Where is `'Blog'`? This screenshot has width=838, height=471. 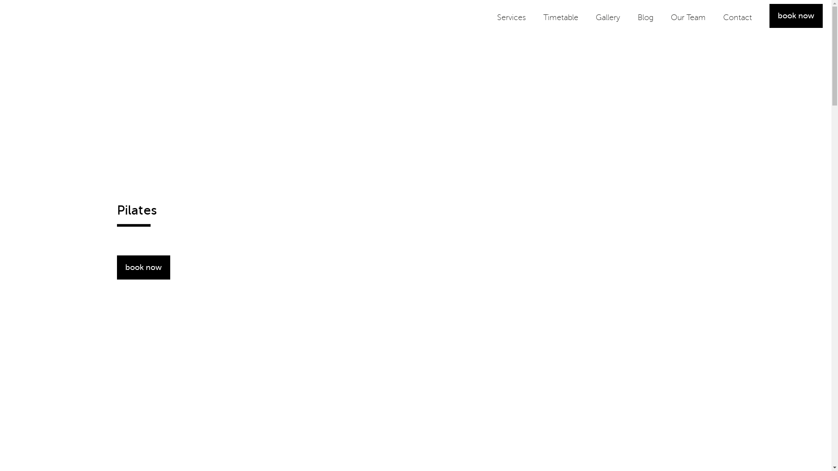 'Blog' is located at coordinates (645, 19).